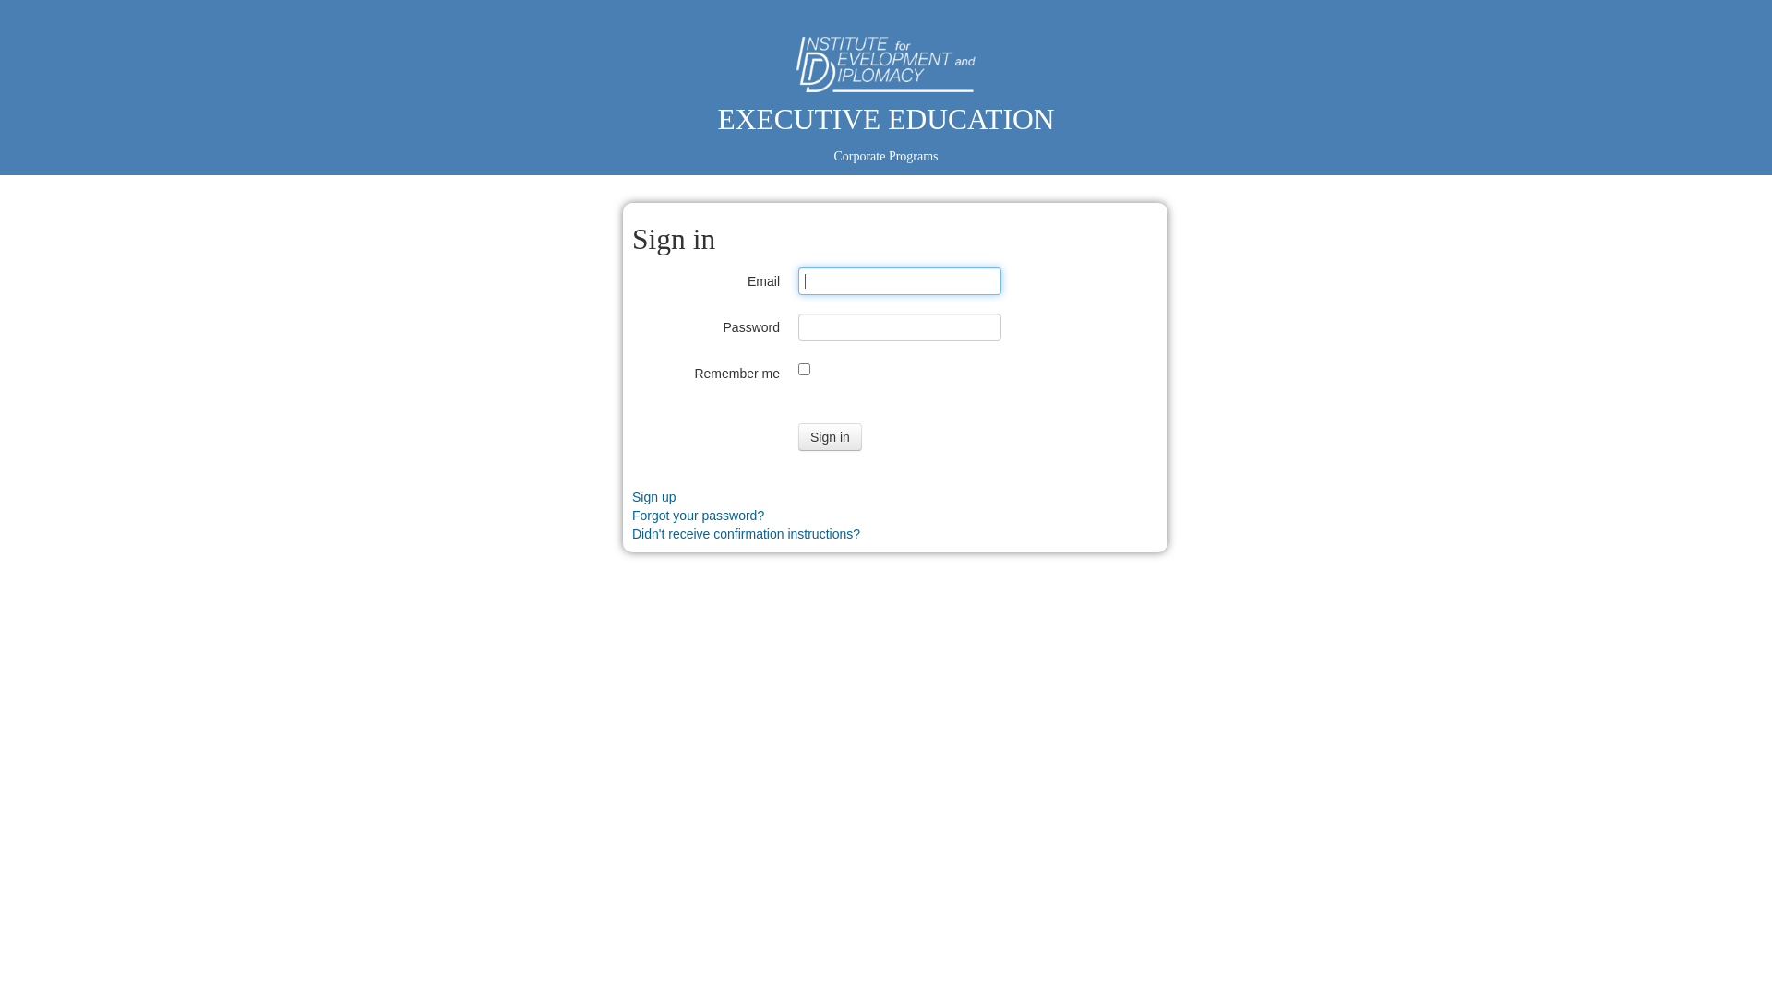 The image size is (1772, 996). I want to click on 'Didn't receive confirmation instructions?', so click(746, 533).